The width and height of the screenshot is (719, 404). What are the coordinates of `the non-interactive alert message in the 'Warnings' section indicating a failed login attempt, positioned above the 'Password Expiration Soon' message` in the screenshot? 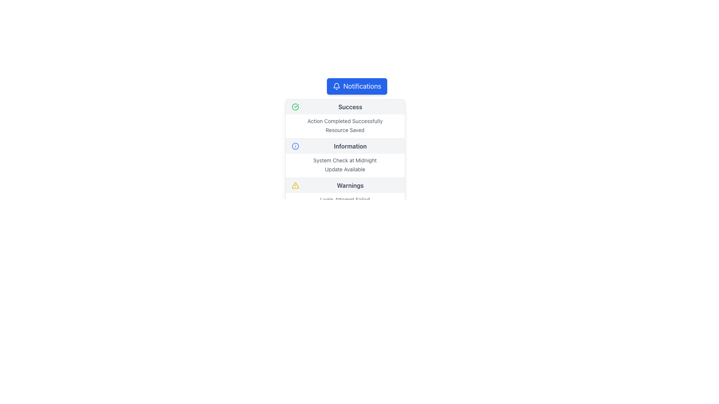 It's located at (345, 199).